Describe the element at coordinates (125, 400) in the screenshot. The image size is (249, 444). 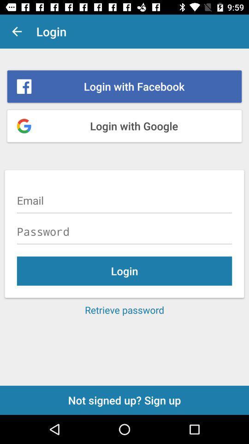
I see `the item below retrieve password icon` at that location.